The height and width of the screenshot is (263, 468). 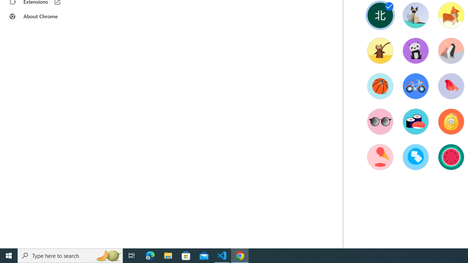 What do you see at coordinates (168, 255) in the screenshot?
I see `'File Explorer'` at bounding box center [168, 255].